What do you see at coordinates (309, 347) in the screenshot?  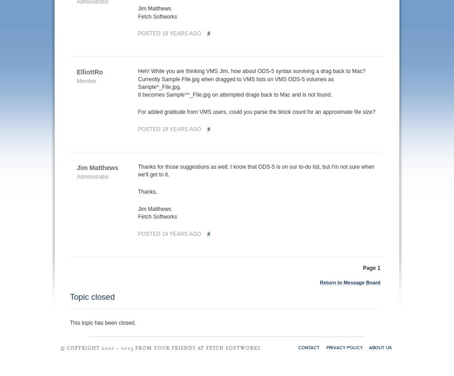 I see `'Contact'` at bounding box center [309, 347].